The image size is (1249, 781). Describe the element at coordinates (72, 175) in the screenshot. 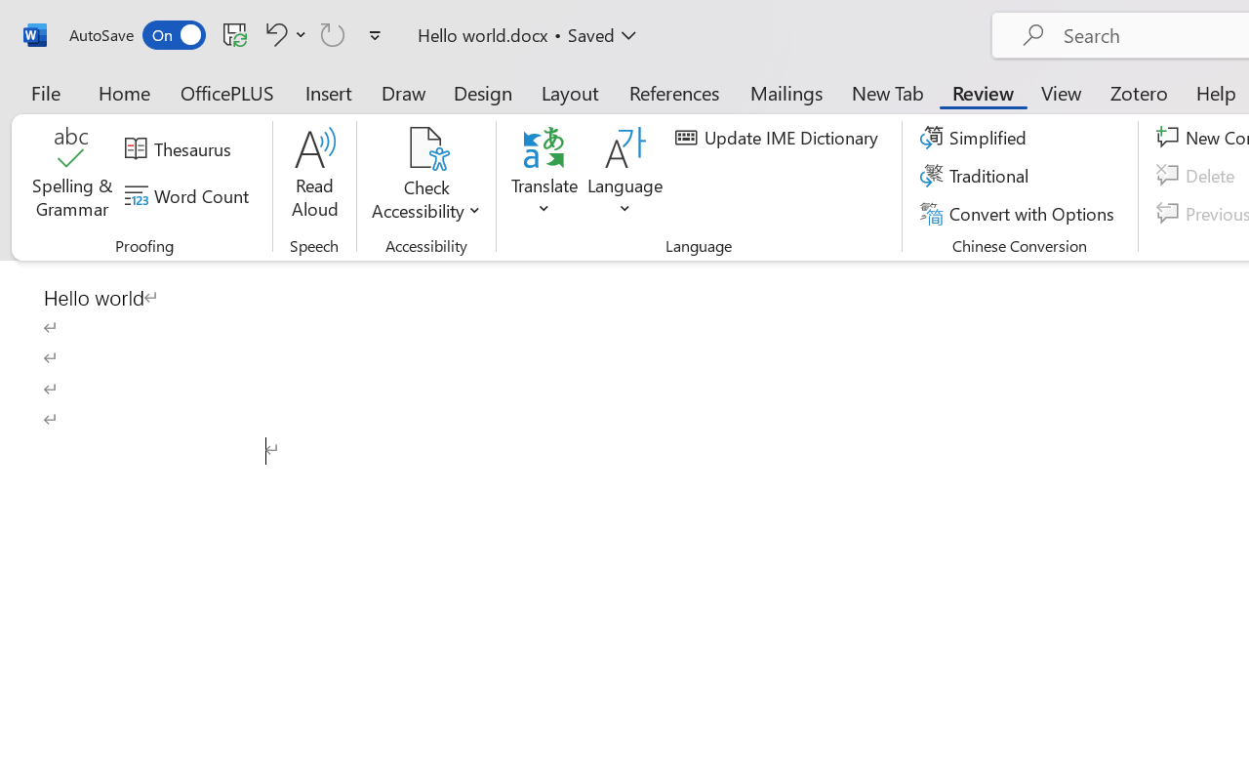

I see `'Spelling & Grammar'` at that location.